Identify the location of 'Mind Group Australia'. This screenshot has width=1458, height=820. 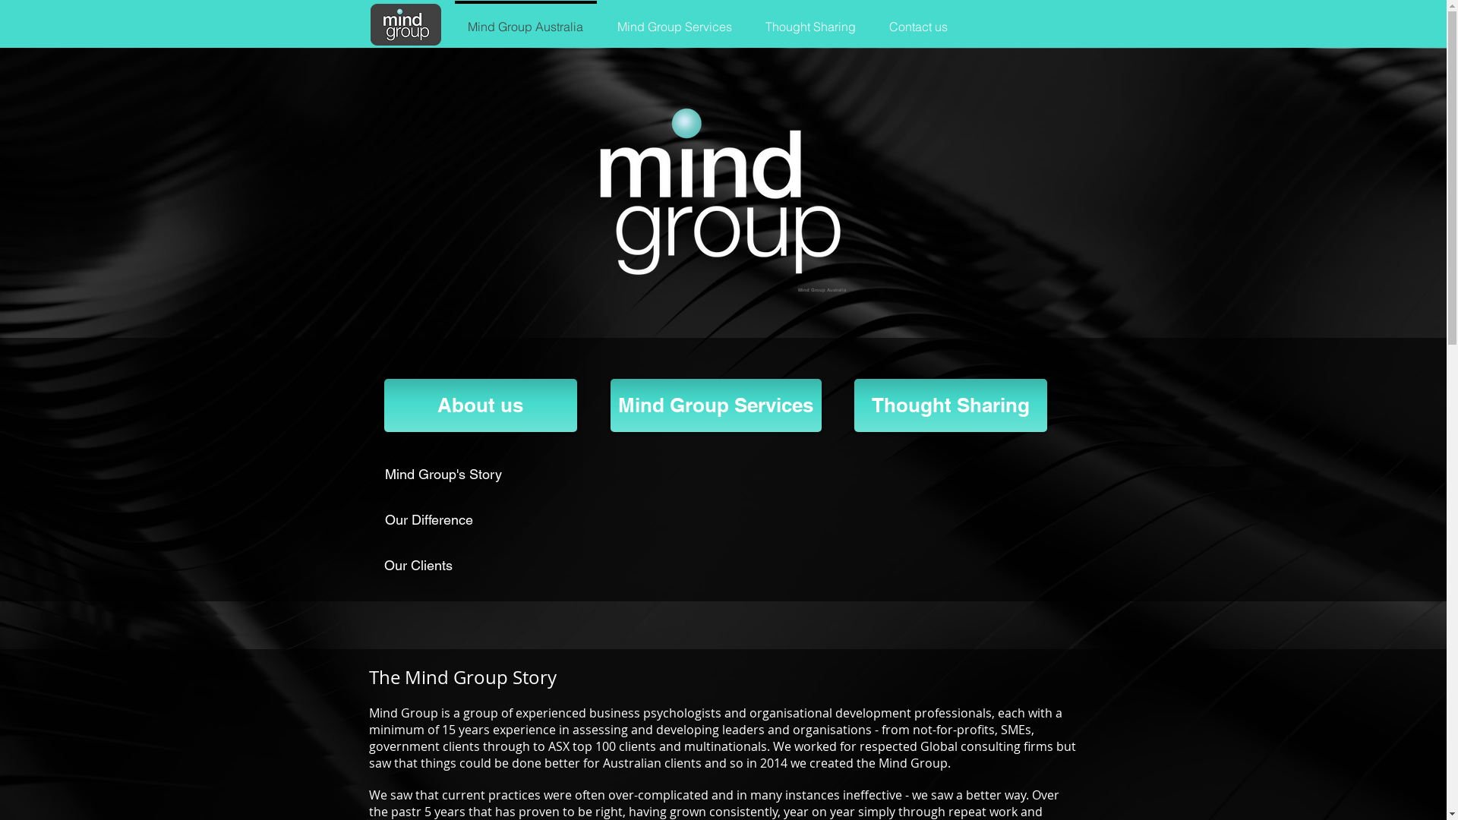
(525, 20).